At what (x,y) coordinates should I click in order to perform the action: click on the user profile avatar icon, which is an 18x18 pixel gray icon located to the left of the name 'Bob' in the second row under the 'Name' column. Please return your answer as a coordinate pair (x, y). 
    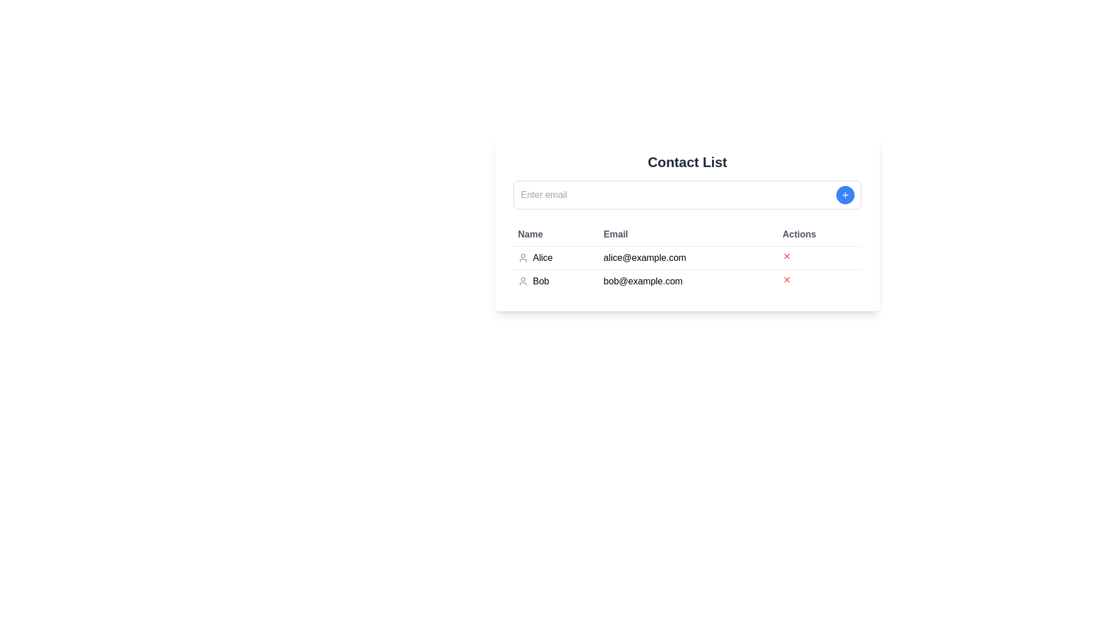
    Looking at the image, I should click on (522, 282).